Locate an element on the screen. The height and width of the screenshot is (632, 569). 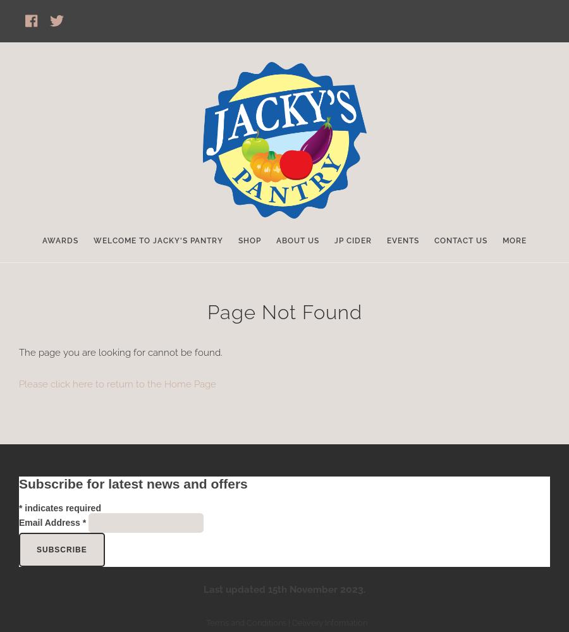
'More' is located at coordinates (514, 241).